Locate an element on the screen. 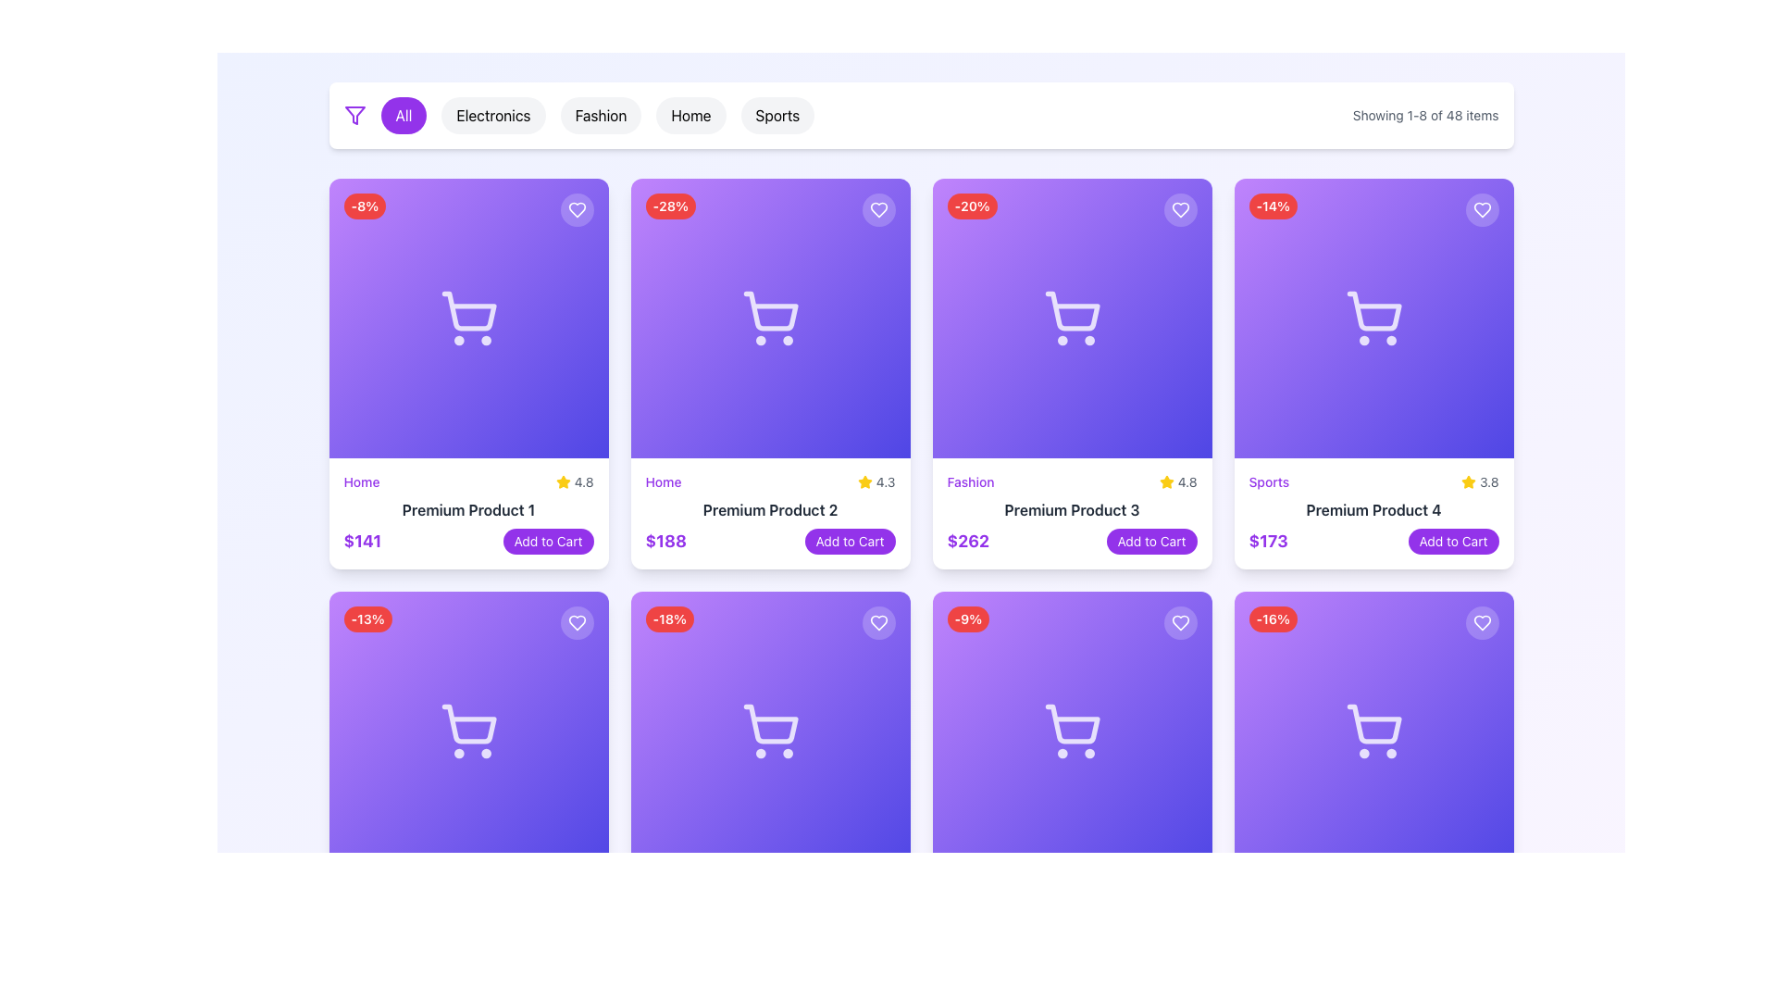 The width and height of the screenshot is (1777, 1000). the central component of the shopping cart icon, which has rounded corners and is part of a larger SVG graphic in the grid layout is located at coordinates (1373, 723).